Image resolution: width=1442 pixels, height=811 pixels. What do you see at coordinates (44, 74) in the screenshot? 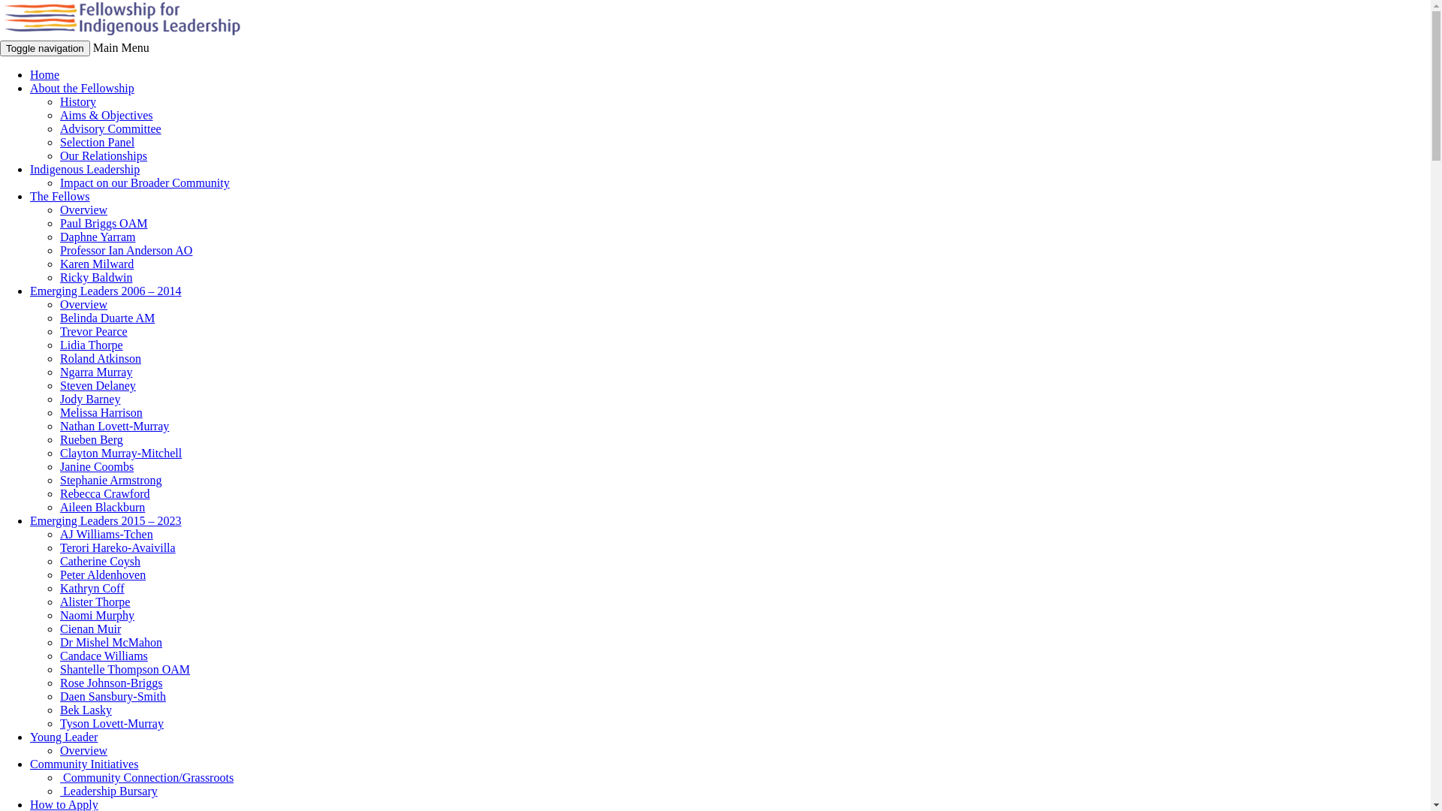
I see `'Home'` at bounding box center [44, 74].